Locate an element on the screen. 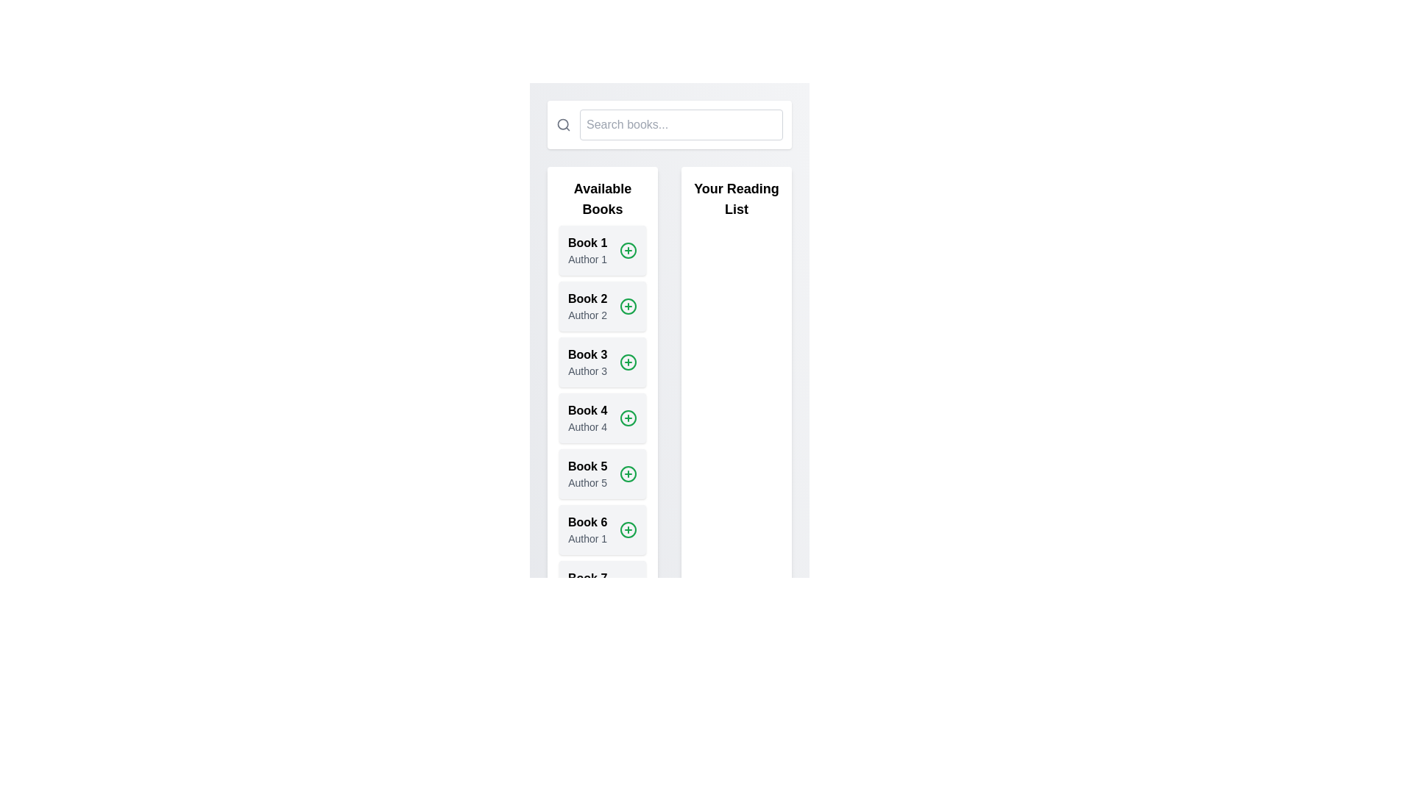 This screenshot has height=794, width=1413. the title text label of the fourth book item in the 'Available Books' section is located at coordinates (587, 411).